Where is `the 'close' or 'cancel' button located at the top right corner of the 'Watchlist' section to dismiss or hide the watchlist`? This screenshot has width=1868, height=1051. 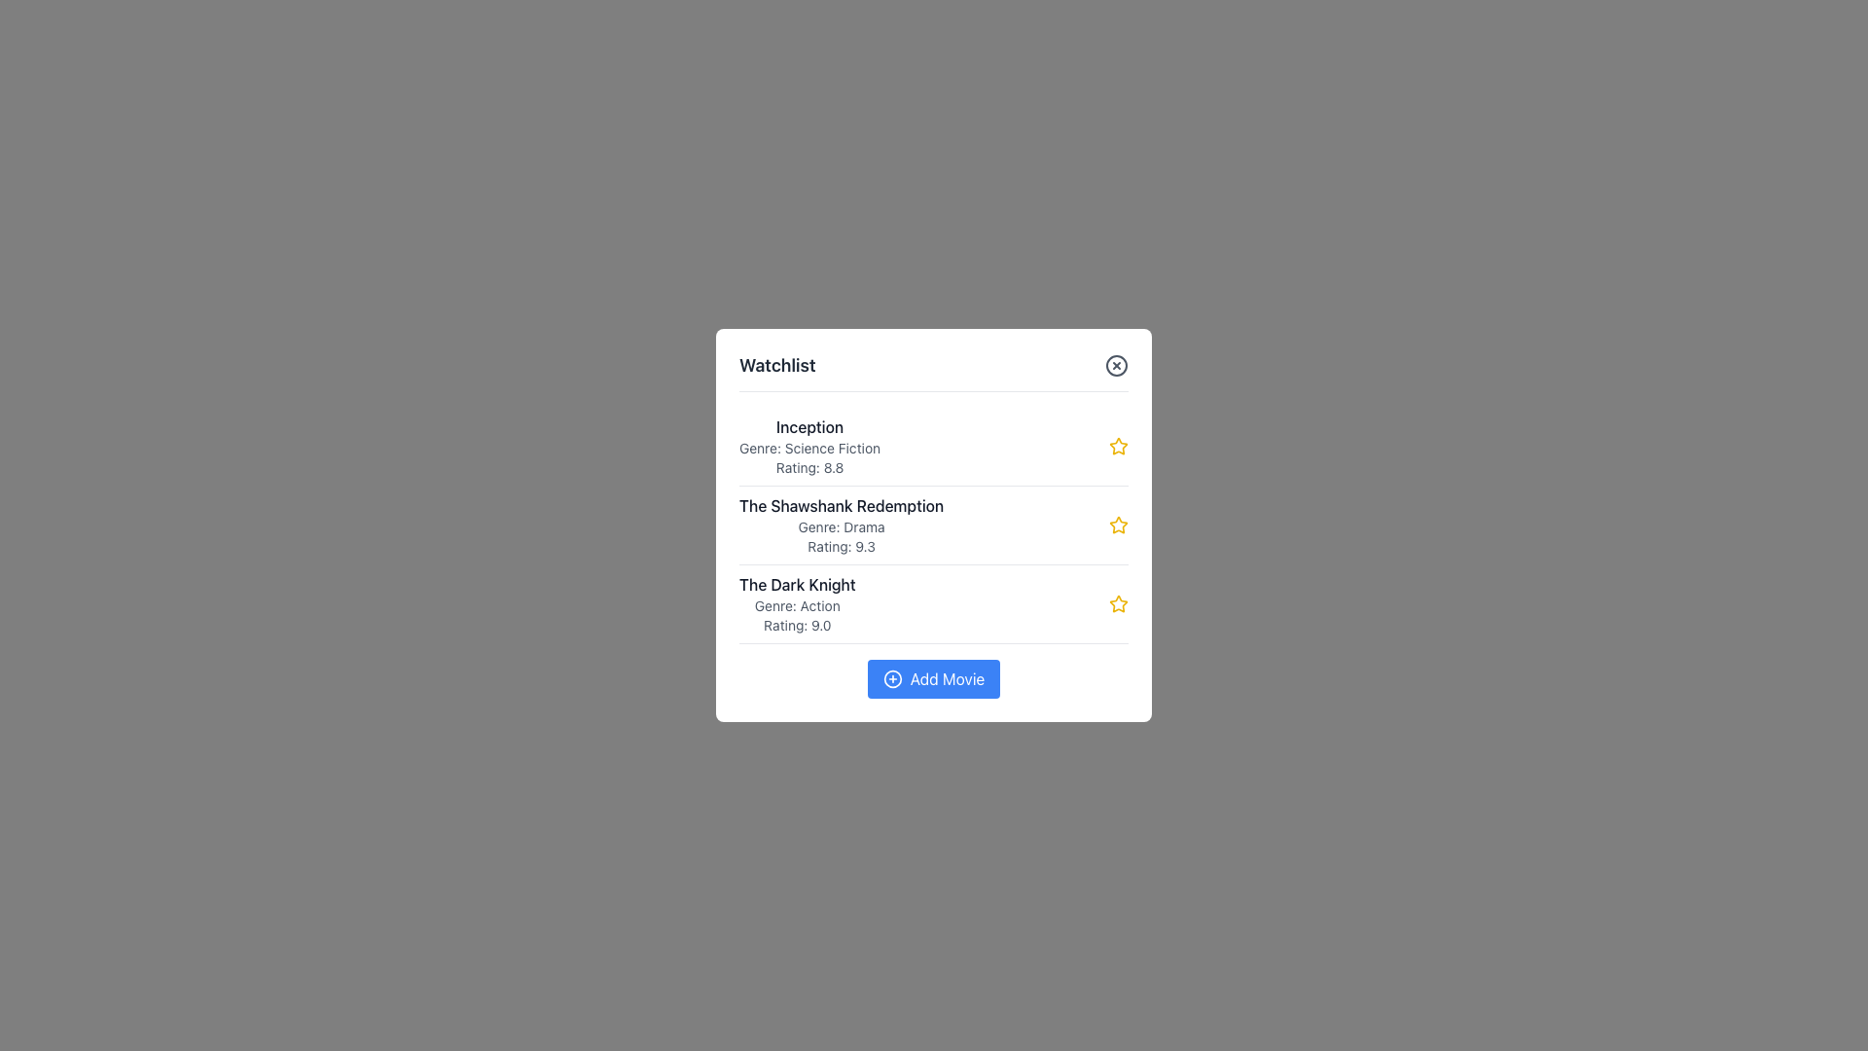 the 'close' or 'cancel' button located at the top right corner of the 'Watchlist' section to dismiss or hide the watchlist is located at coordinates (1116, 365).